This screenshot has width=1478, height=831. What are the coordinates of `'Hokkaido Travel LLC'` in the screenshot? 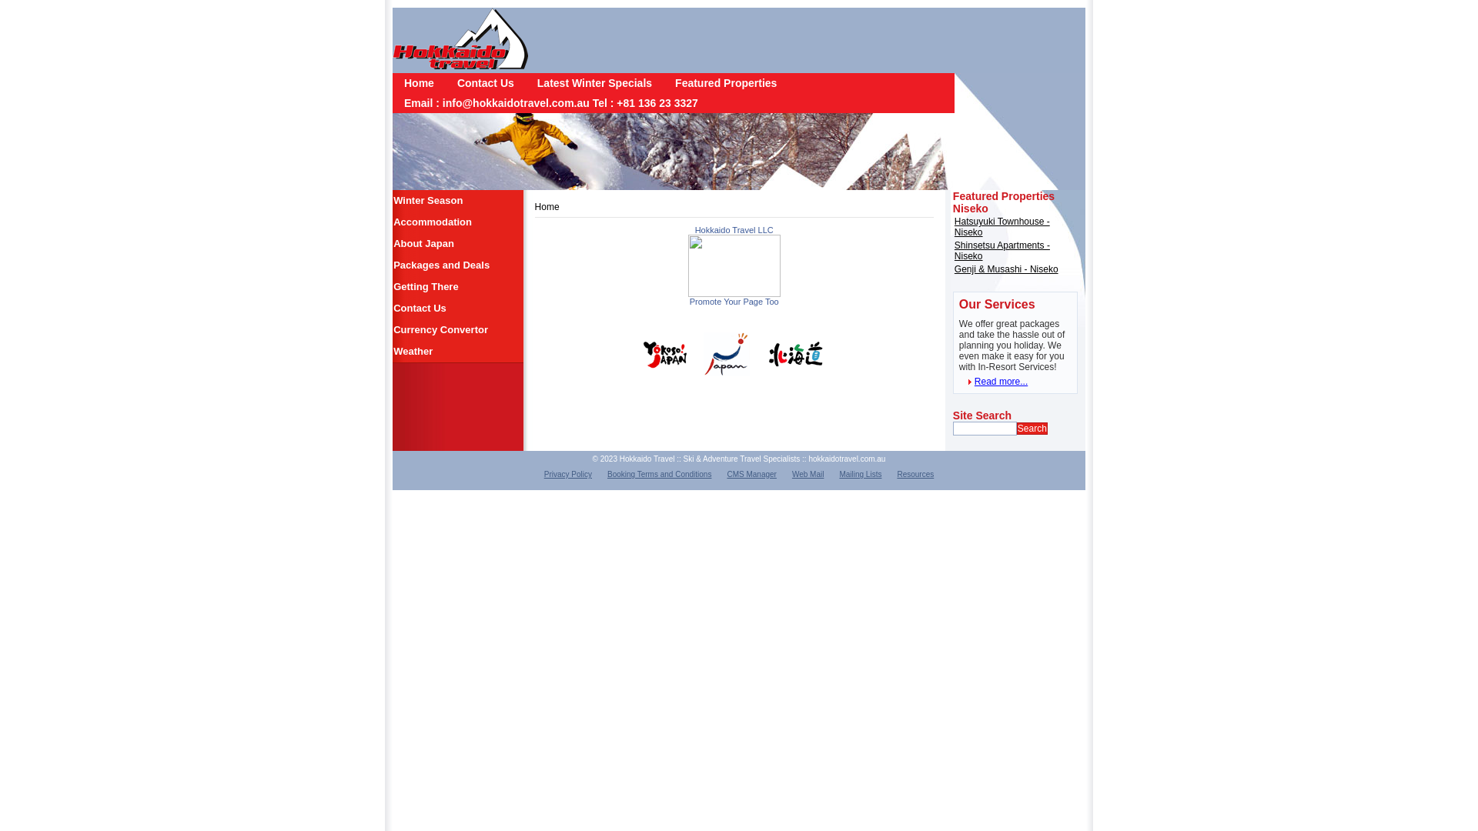 It's located at (734, 230).